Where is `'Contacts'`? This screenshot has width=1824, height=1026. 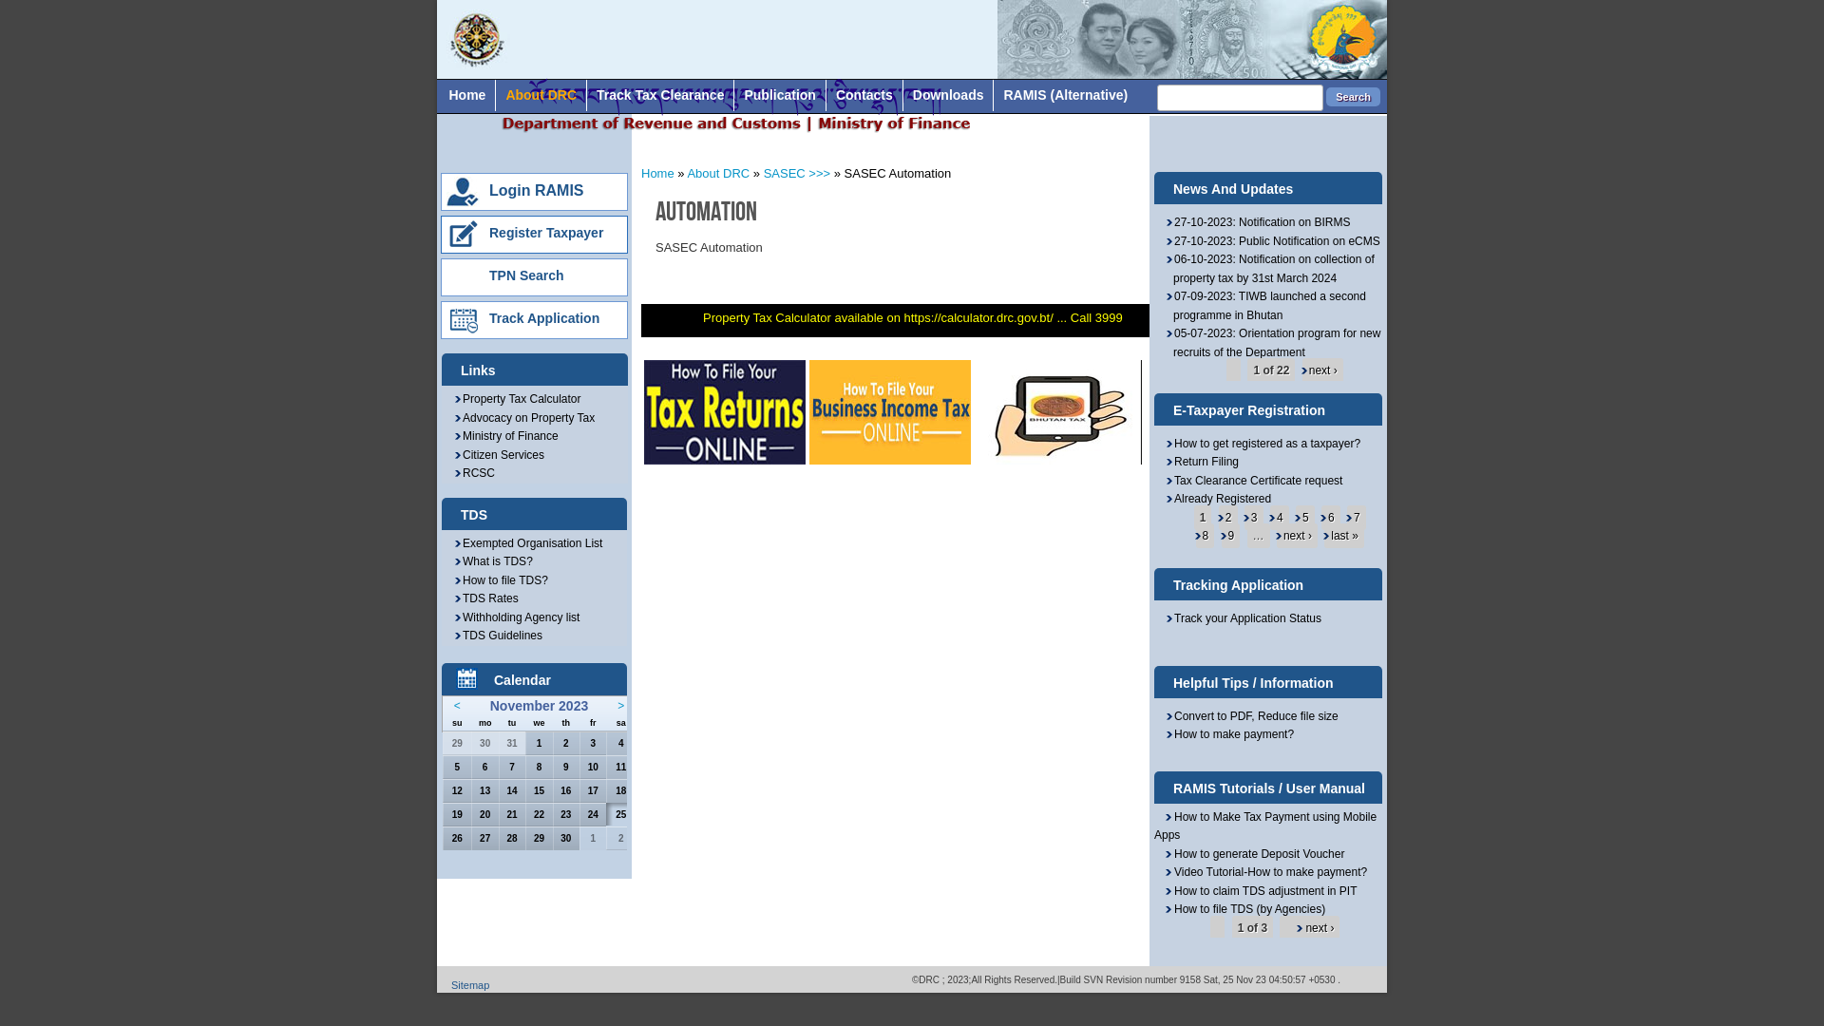 'Contacts' is located at coordinates (864, 95).